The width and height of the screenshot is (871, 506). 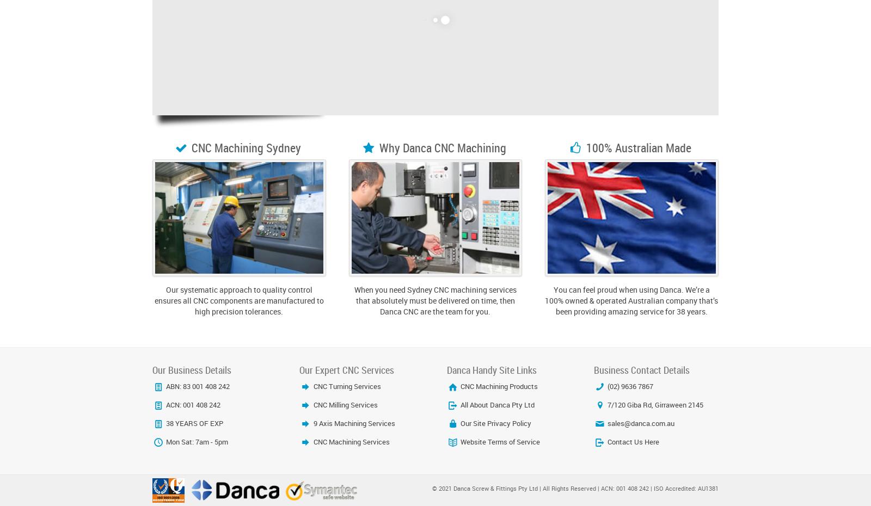 What do you see at coordinates (544, 300) in the screenshot?
I see `'You can feel proud when using Danca. We’re a 100% owned & operated Australian company that’s been providing amazing service for 38 years.'` at bounding box center [544, 300].